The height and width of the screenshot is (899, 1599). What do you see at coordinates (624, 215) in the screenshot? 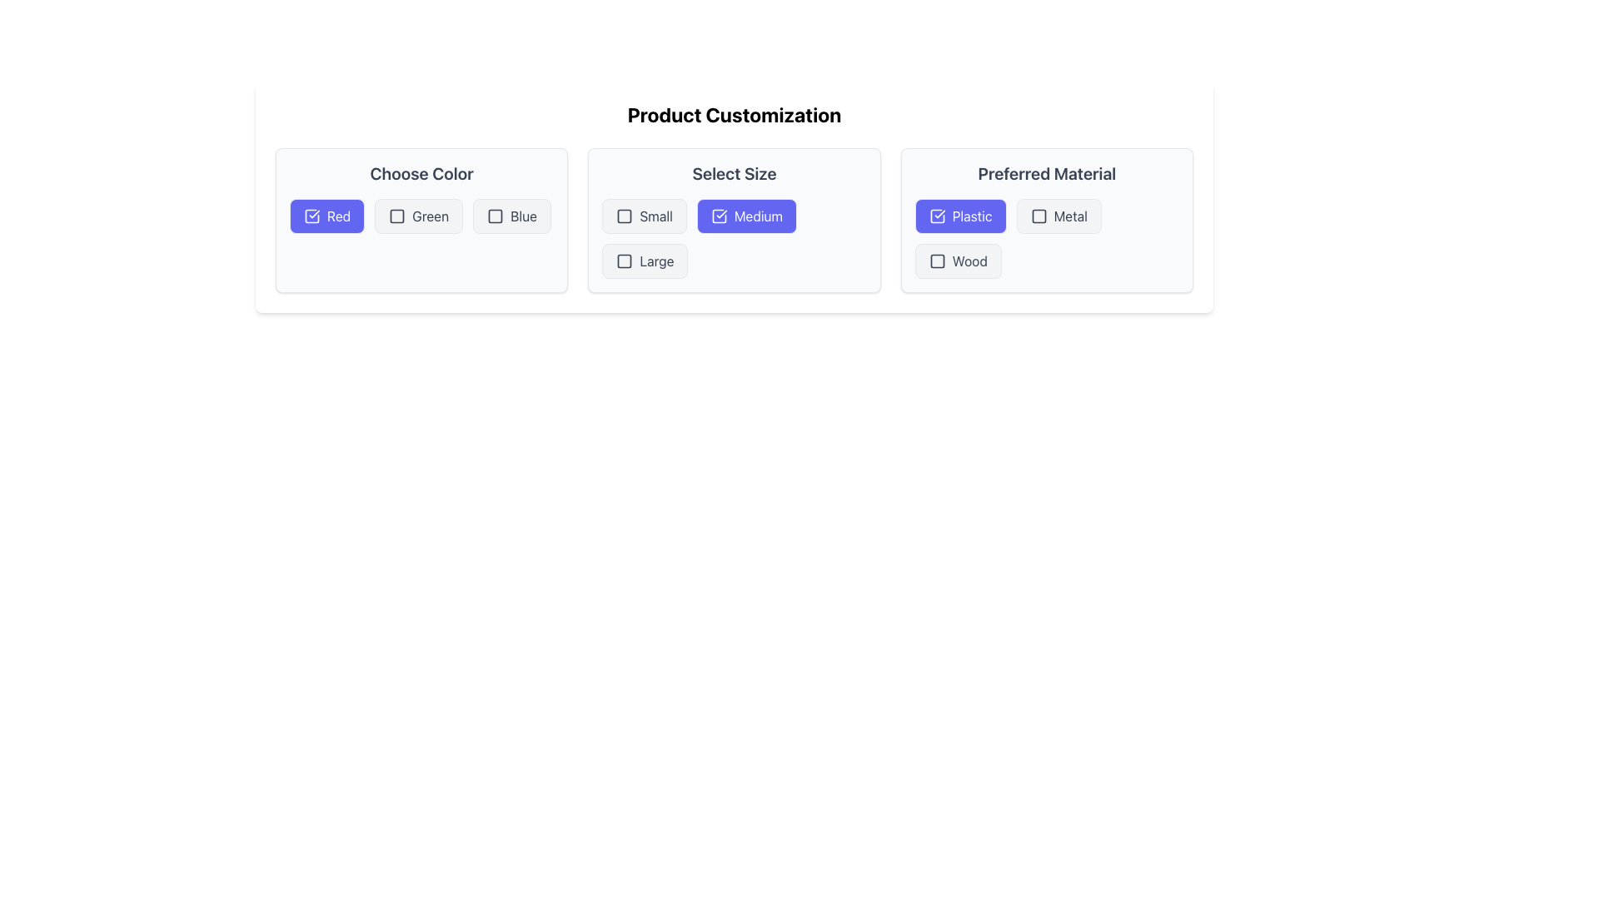
I see `the small, unfilled square checkbox located to the left of the label 'Small' in the 'Select Size' section` at bounding box center [624, 215].